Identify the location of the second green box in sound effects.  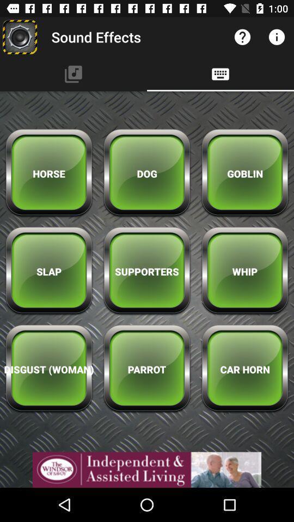
(147, 173).